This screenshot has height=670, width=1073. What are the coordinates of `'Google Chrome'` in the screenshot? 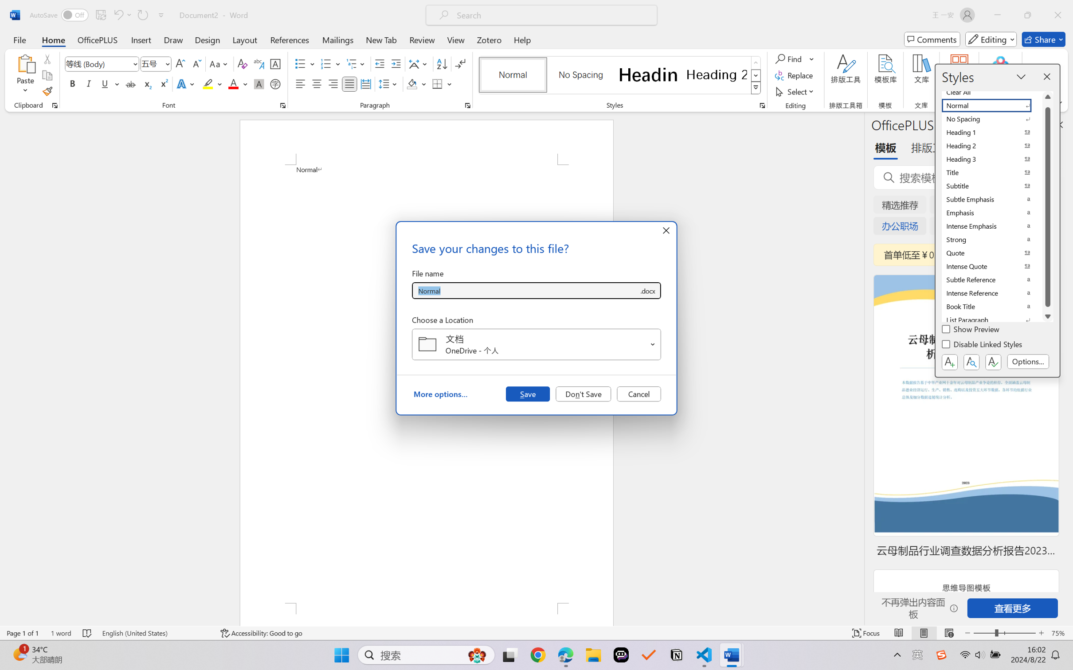 It's located at (538, 655).